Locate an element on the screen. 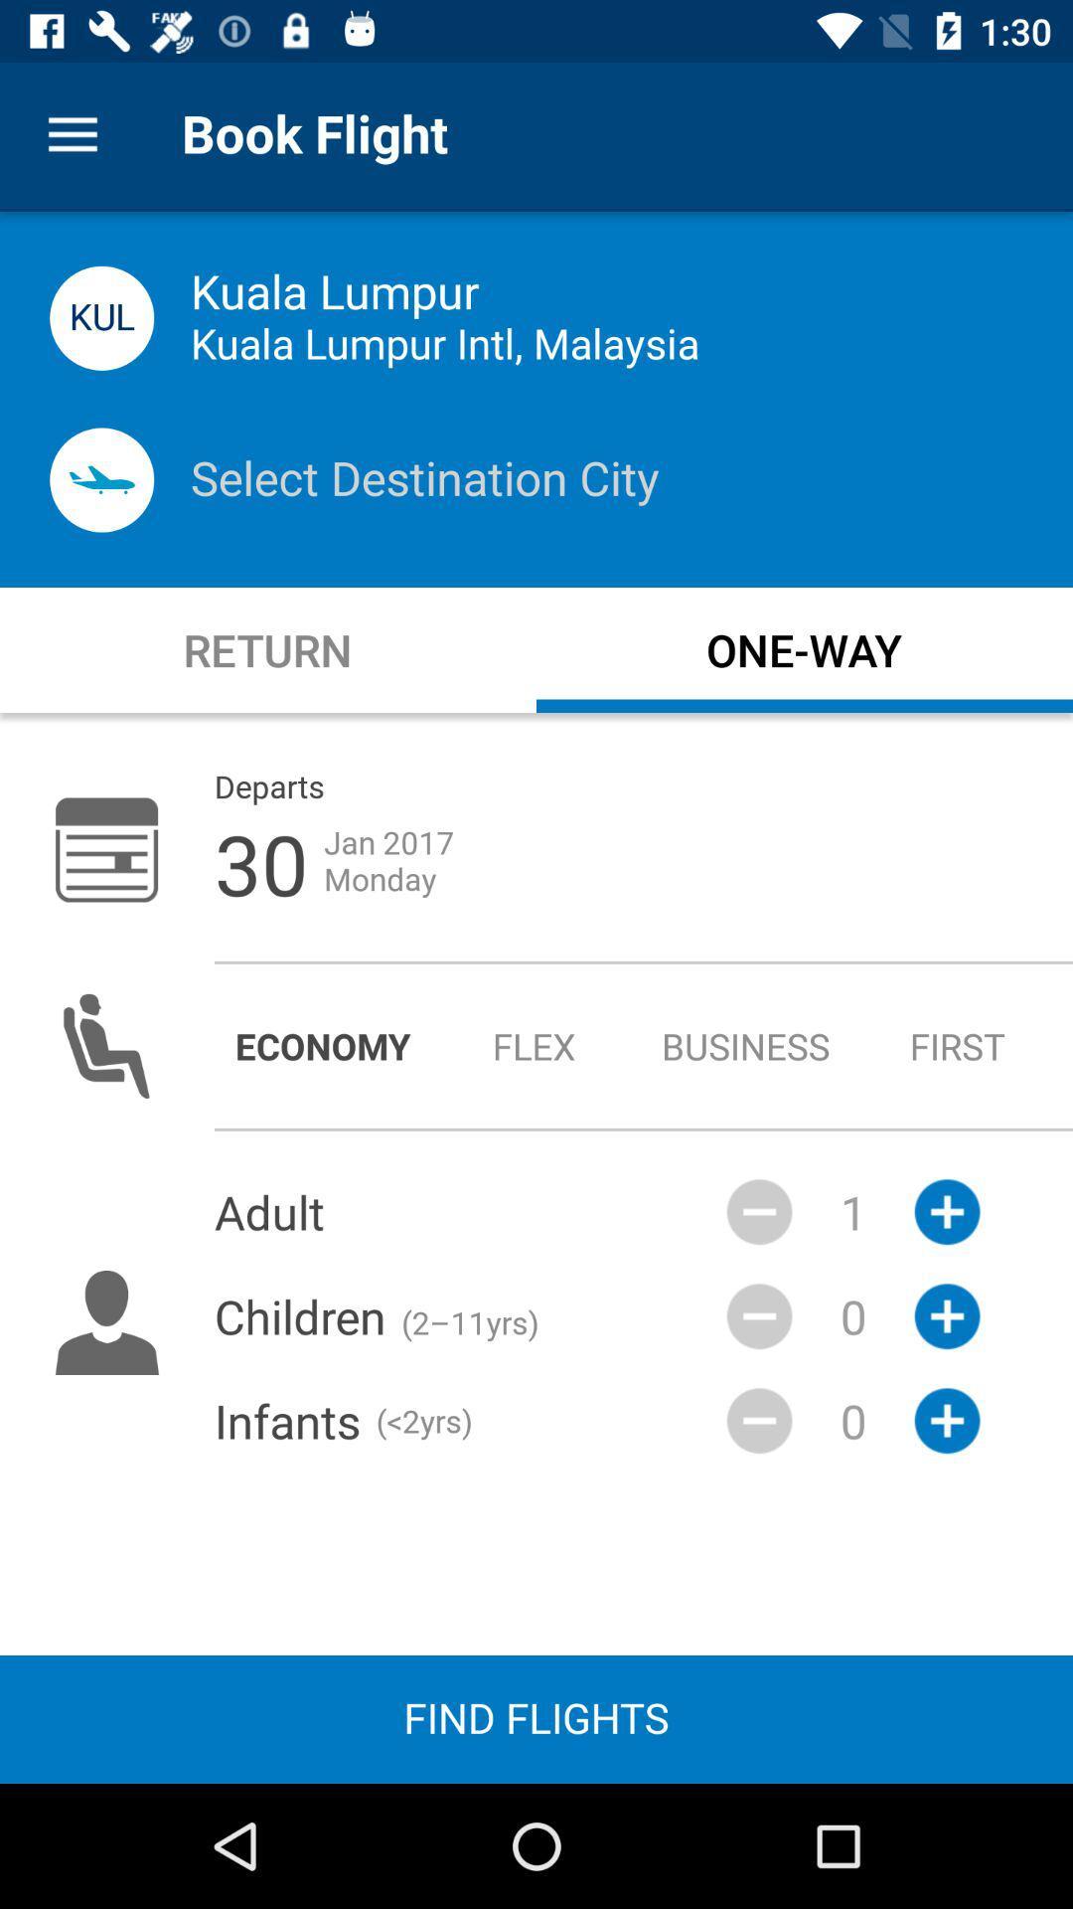 This screenshot has width=1073, height=1909. the minus icon beside infants text is located at coordinates (759, 1420).